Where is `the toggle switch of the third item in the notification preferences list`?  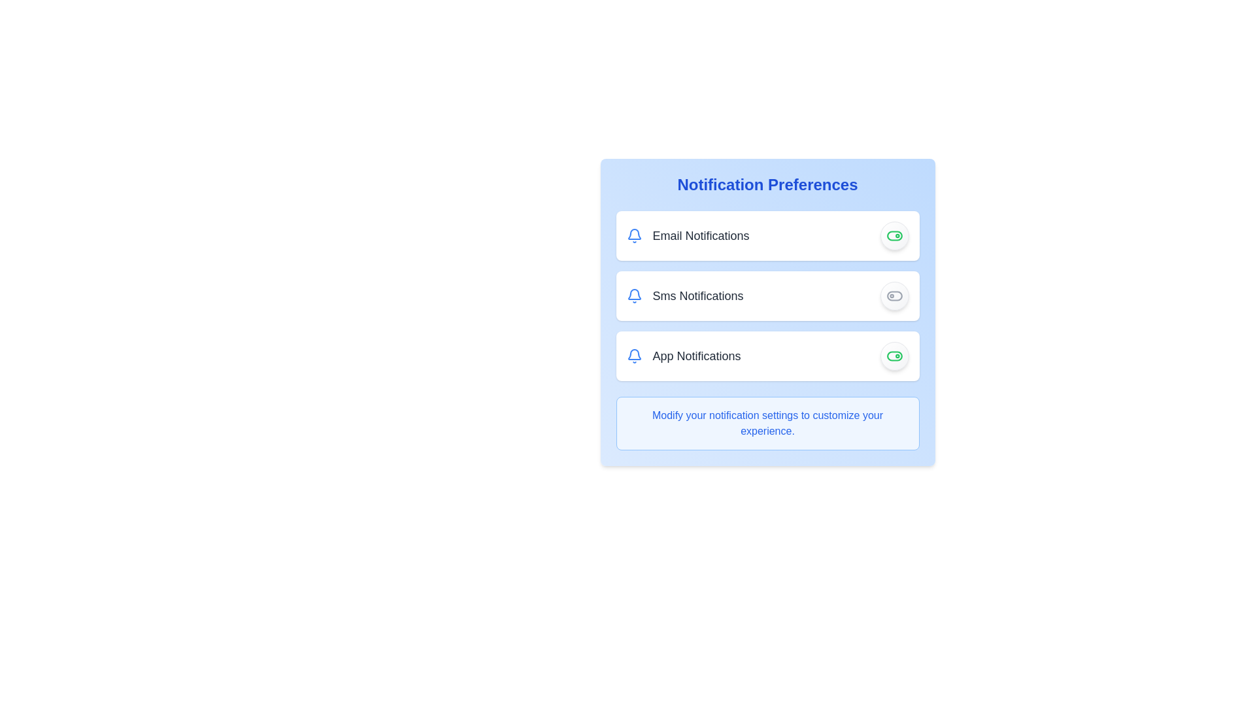
the toggle switch of the third item in the notification preferences list is located at coordinates (767, 356).